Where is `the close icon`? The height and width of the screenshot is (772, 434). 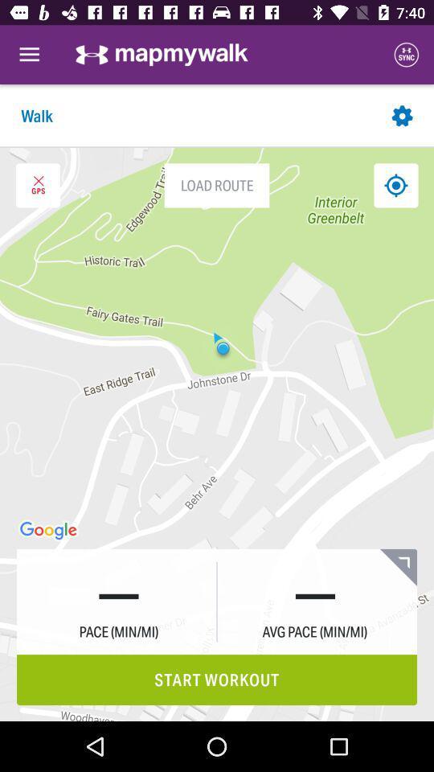 the close icon is located at coordinates (38, 185).